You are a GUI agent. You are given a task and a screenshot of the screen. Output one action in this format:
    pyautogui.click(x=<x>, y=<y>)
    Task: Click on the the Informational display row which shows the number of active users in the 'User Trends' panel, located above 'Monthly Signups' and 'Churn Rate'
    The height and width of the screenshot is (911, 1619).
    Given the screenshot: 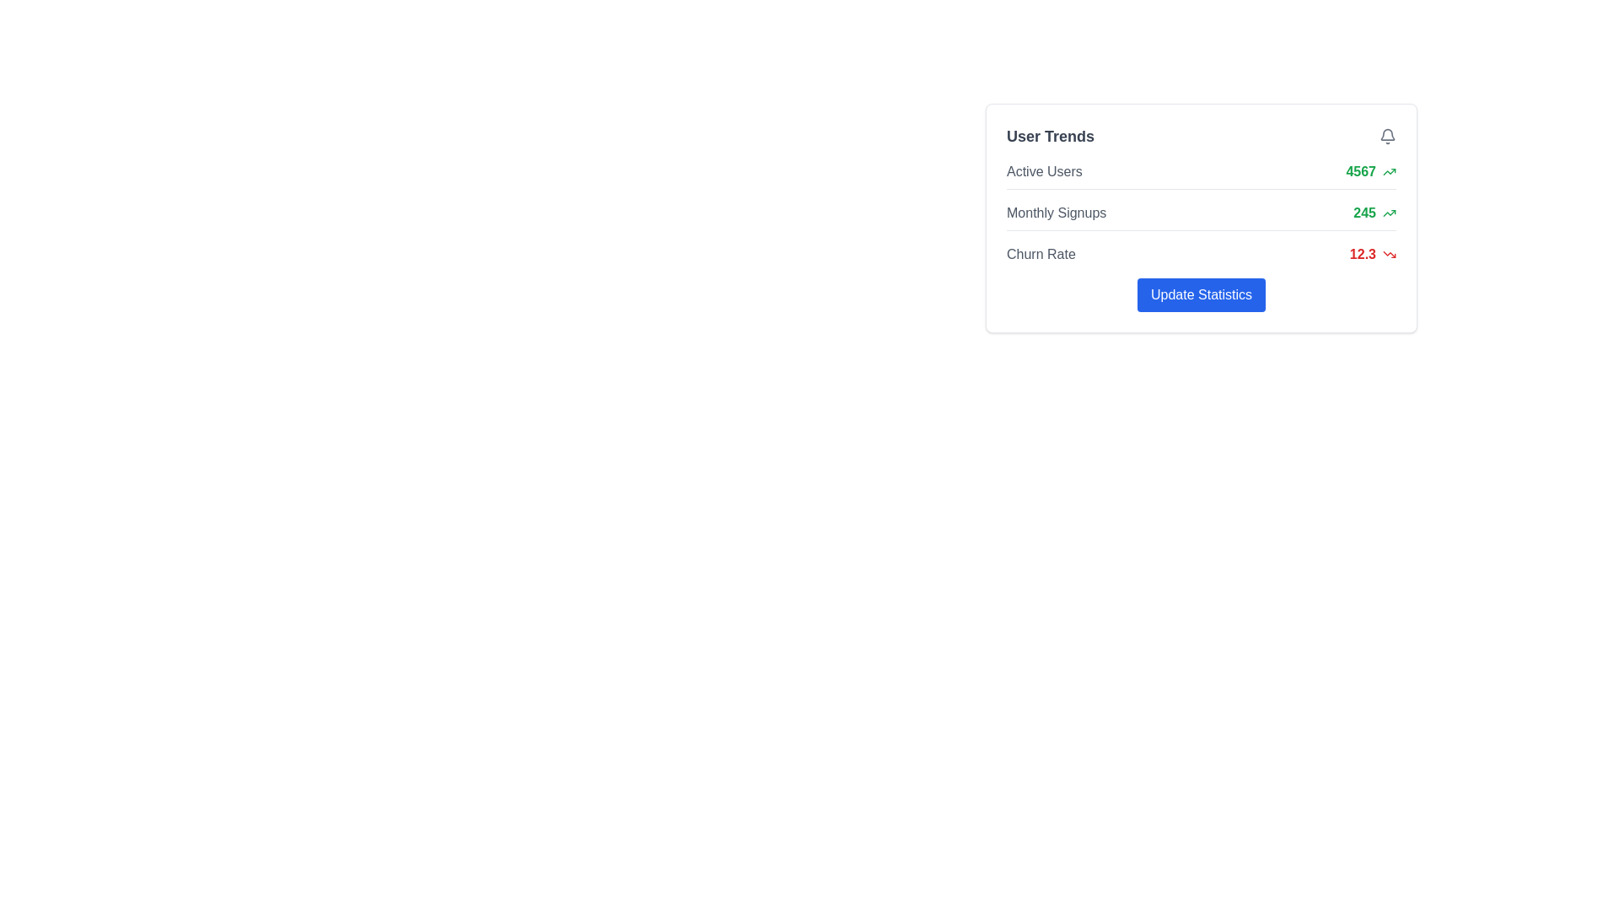 What is the action you would take?
    pyautogui.click(x=1201, y=175)
    